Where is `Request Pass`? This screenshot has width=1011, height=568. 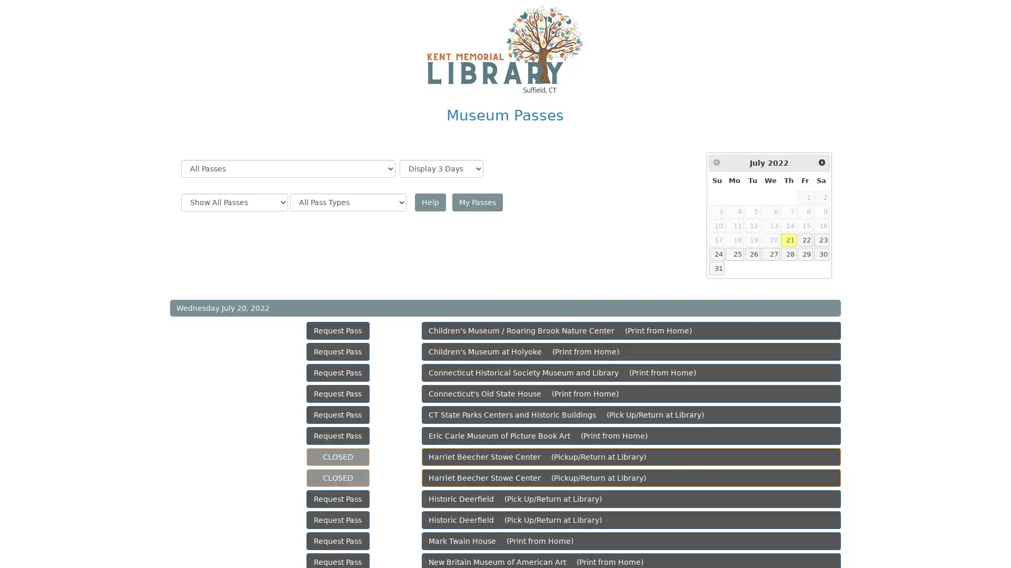 Request Pass is located at coordinates (338, 541).